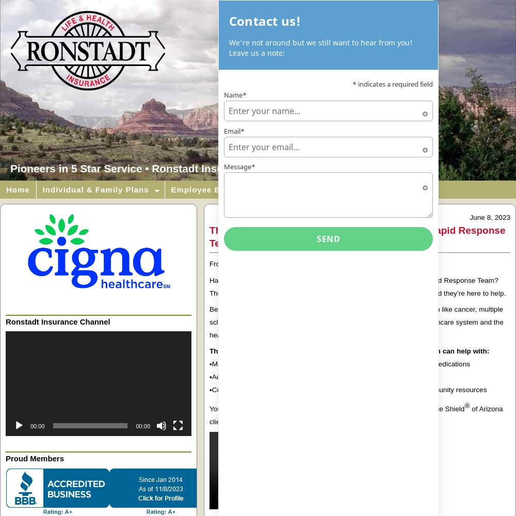  Describe the element at coordinates (489, 217) in the screenshot. I see `'June 8, 2023'` at that location.